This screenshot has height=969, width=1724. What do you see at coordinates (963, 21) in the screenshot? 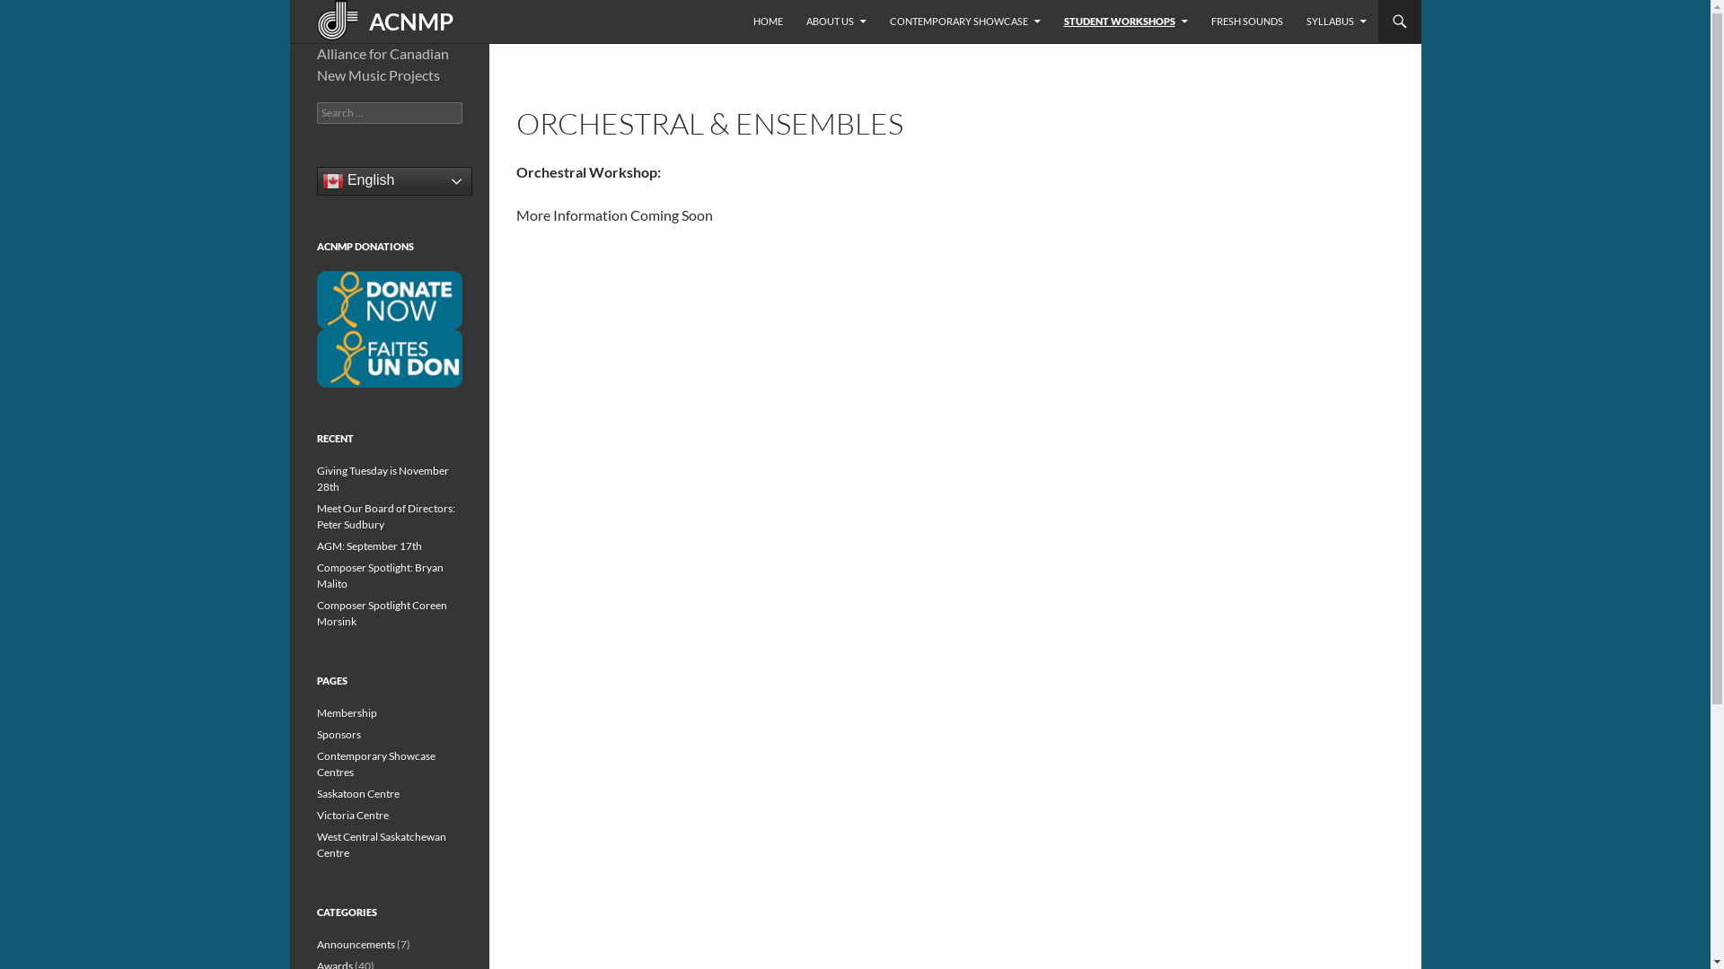
I see `'CONTEMPORARY SHOWCASE'` at bounding box center [963, 21].